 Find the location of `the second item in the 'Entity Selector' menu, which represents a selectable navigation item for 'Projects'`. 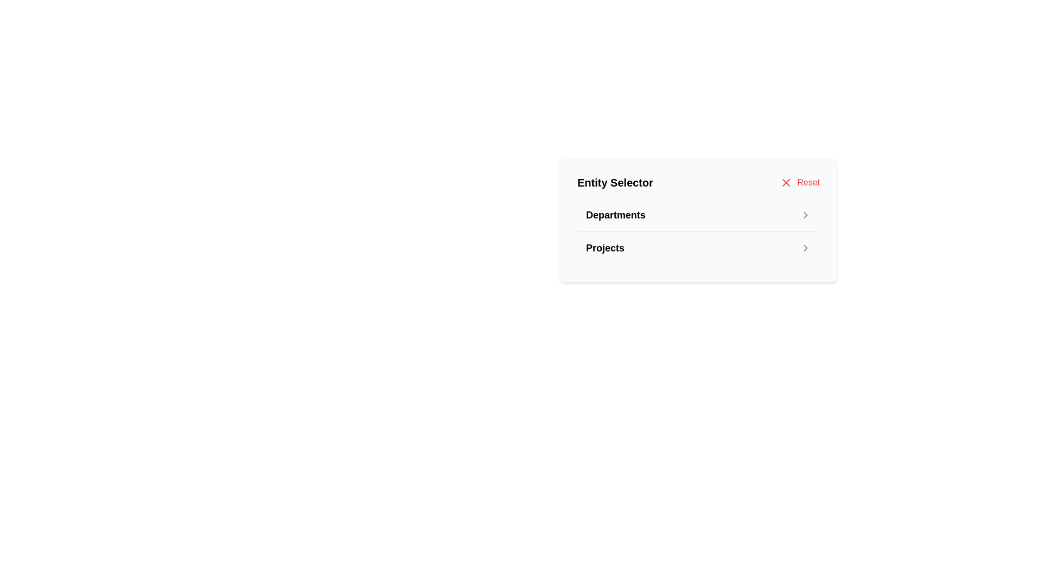

the second item in the 'Entity Selector' menu, which represents a selectable navigation item for 'Projects' is located at coordinates (699, 248).